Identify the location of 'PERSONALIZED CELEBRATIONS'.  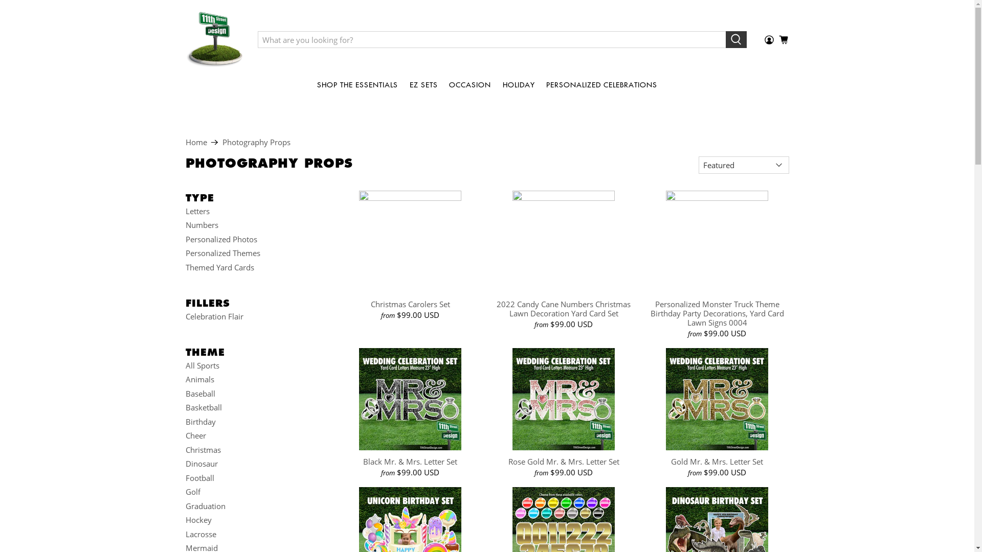
(601, 84).